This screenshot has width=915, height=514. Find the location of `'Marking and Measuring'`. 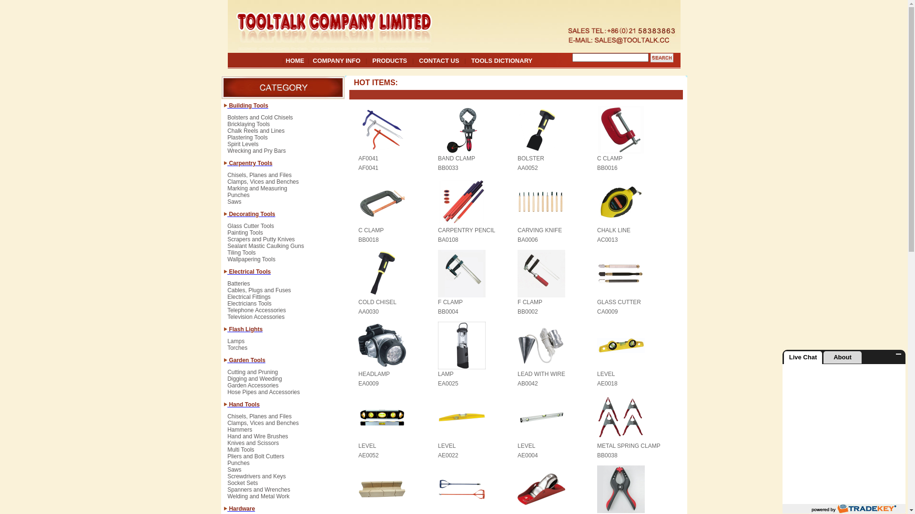

'Marking and Measuring' is located at coordinates (257, 191).